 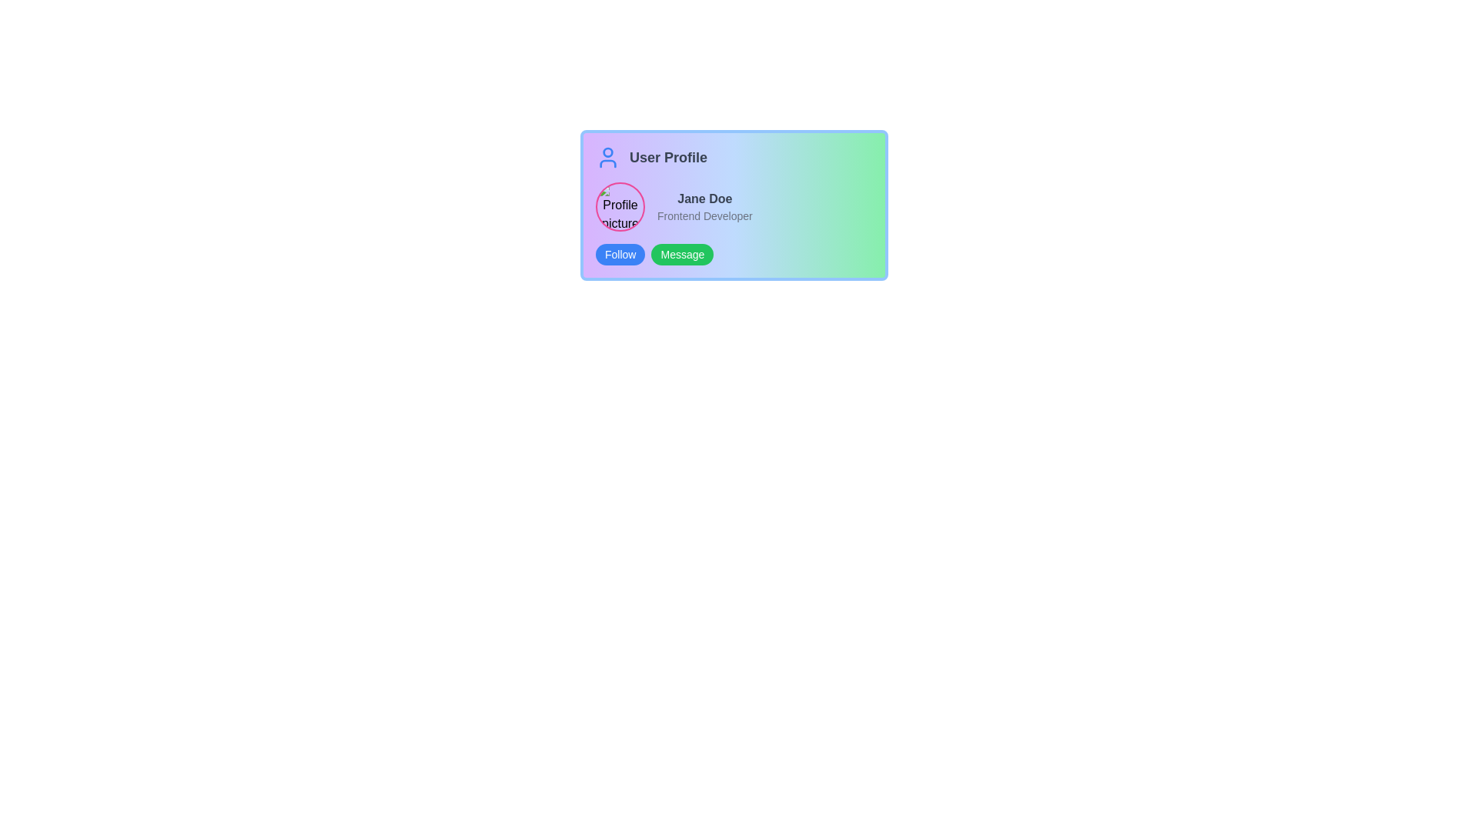 What do you see at coordinates (620, 254) in the screenshot?
I see `the blue 'Follow' button with rounded corners located at the bottom-left side of the user profile card` at bounding box center [620, 254].